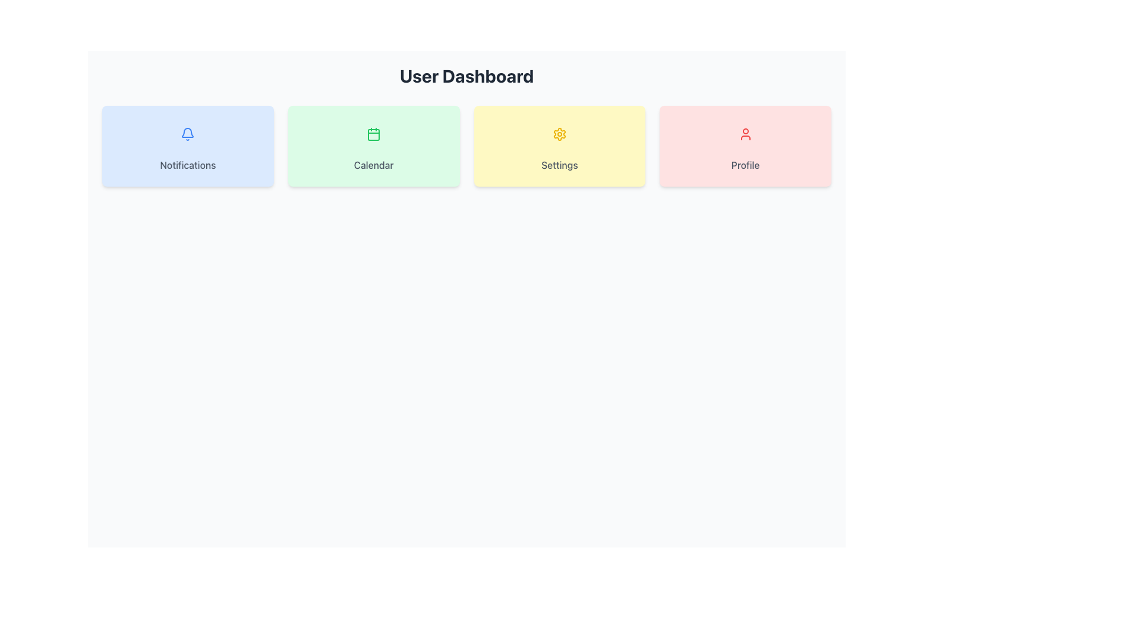 This screenshot has width=1141, height=642. Describe the element at coordinates (187, 165) in the screenshot. I see `the 'Notifications' text label, which is centrally placed within a light blue box beneath a bell icon in the top-left corner of a grid layout` at that location.